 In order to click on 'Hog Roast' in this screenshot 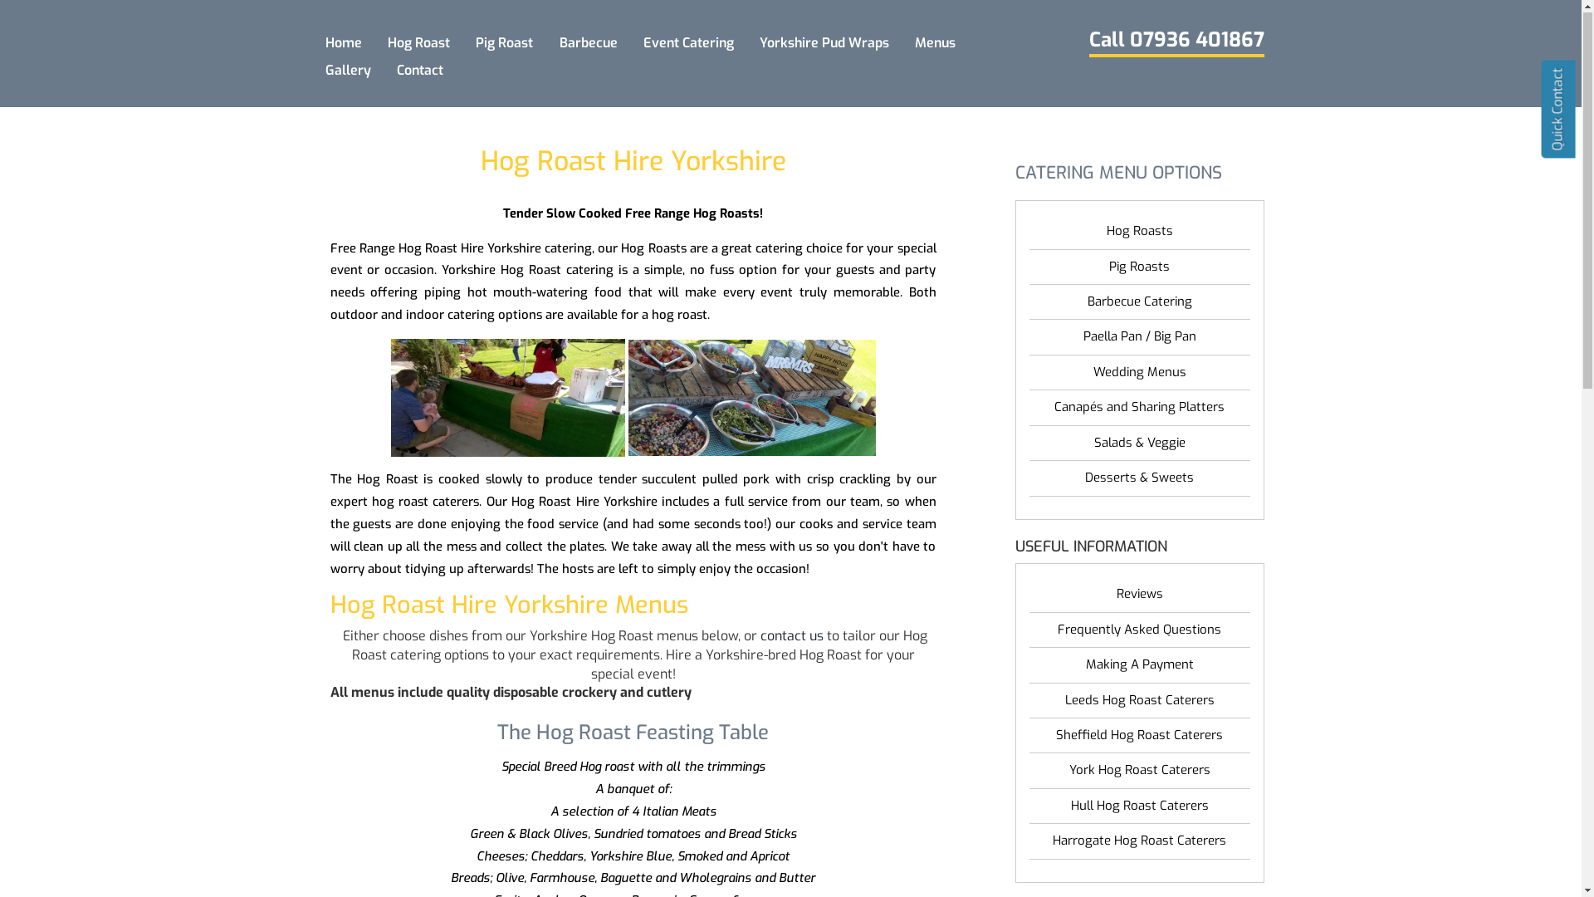, I will do `click(418, 42)`.